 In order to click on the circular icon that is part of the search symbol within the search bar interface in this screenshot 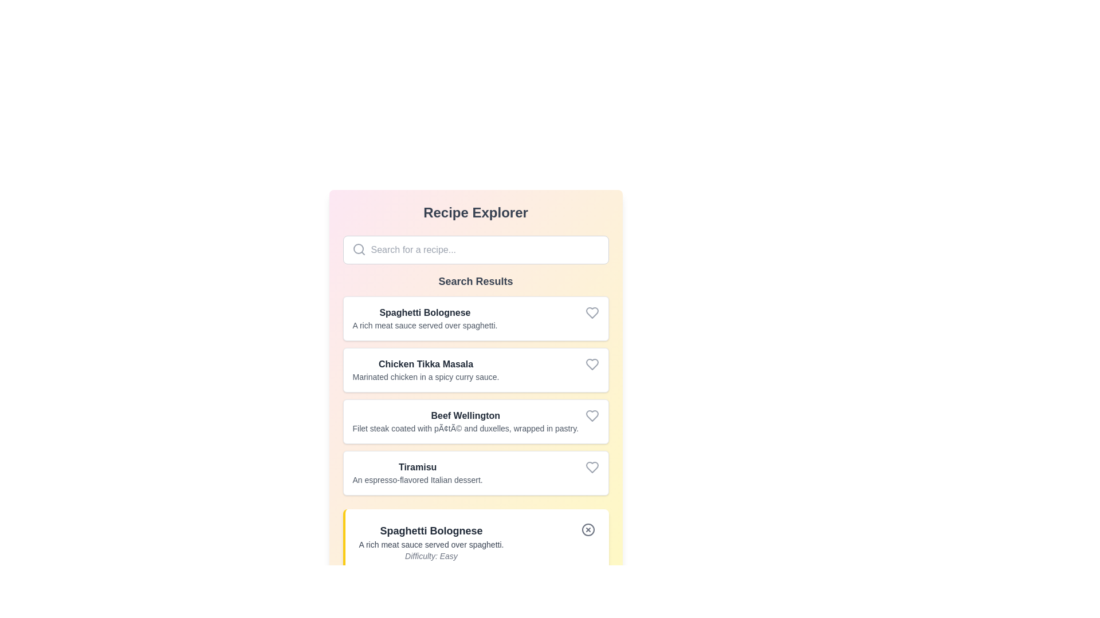, I will do `click(357, 248)`.